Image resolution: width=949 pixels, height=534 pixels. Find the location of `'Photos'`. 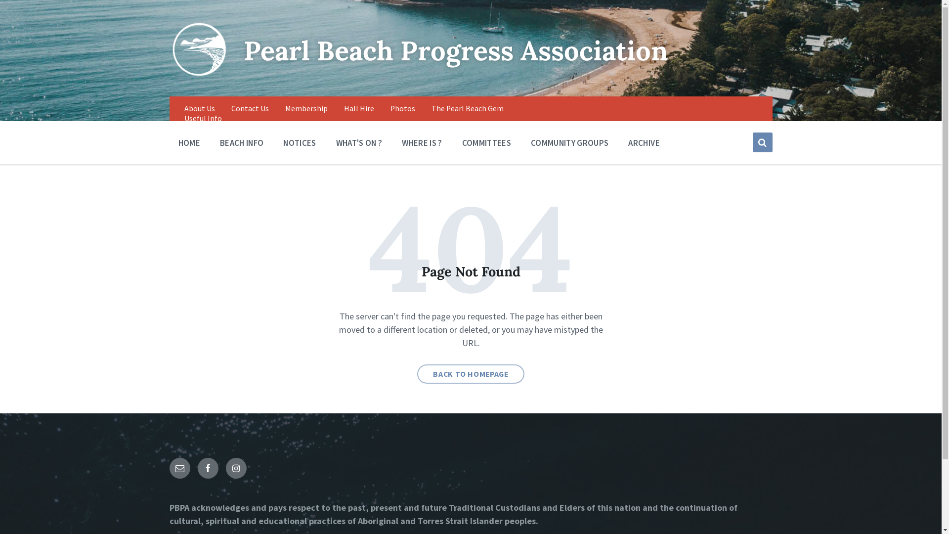

'Photos' is located at coordinates (390, 108).